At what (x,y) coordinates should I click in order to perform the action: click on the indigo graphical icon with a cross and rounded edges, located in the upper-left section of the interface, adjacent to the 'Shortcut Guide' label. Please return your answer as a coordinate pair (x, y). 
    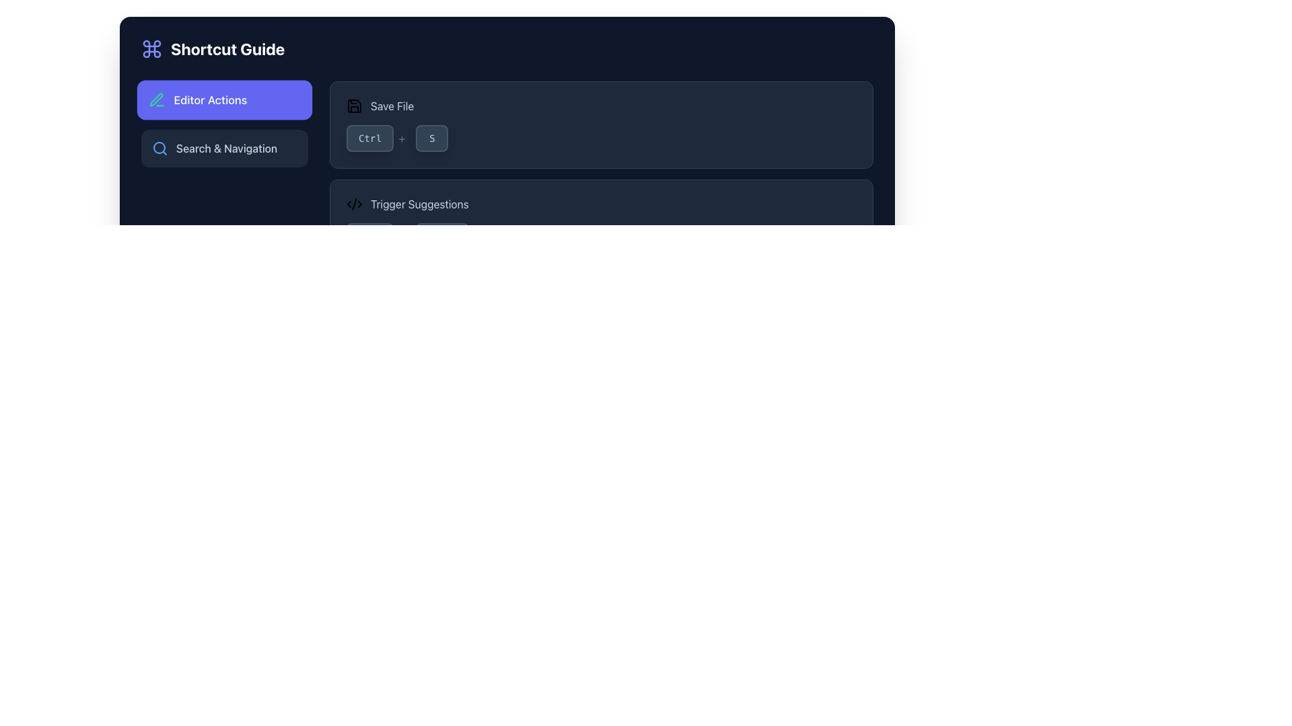
    Looking at the image, I should click on (151, 48).